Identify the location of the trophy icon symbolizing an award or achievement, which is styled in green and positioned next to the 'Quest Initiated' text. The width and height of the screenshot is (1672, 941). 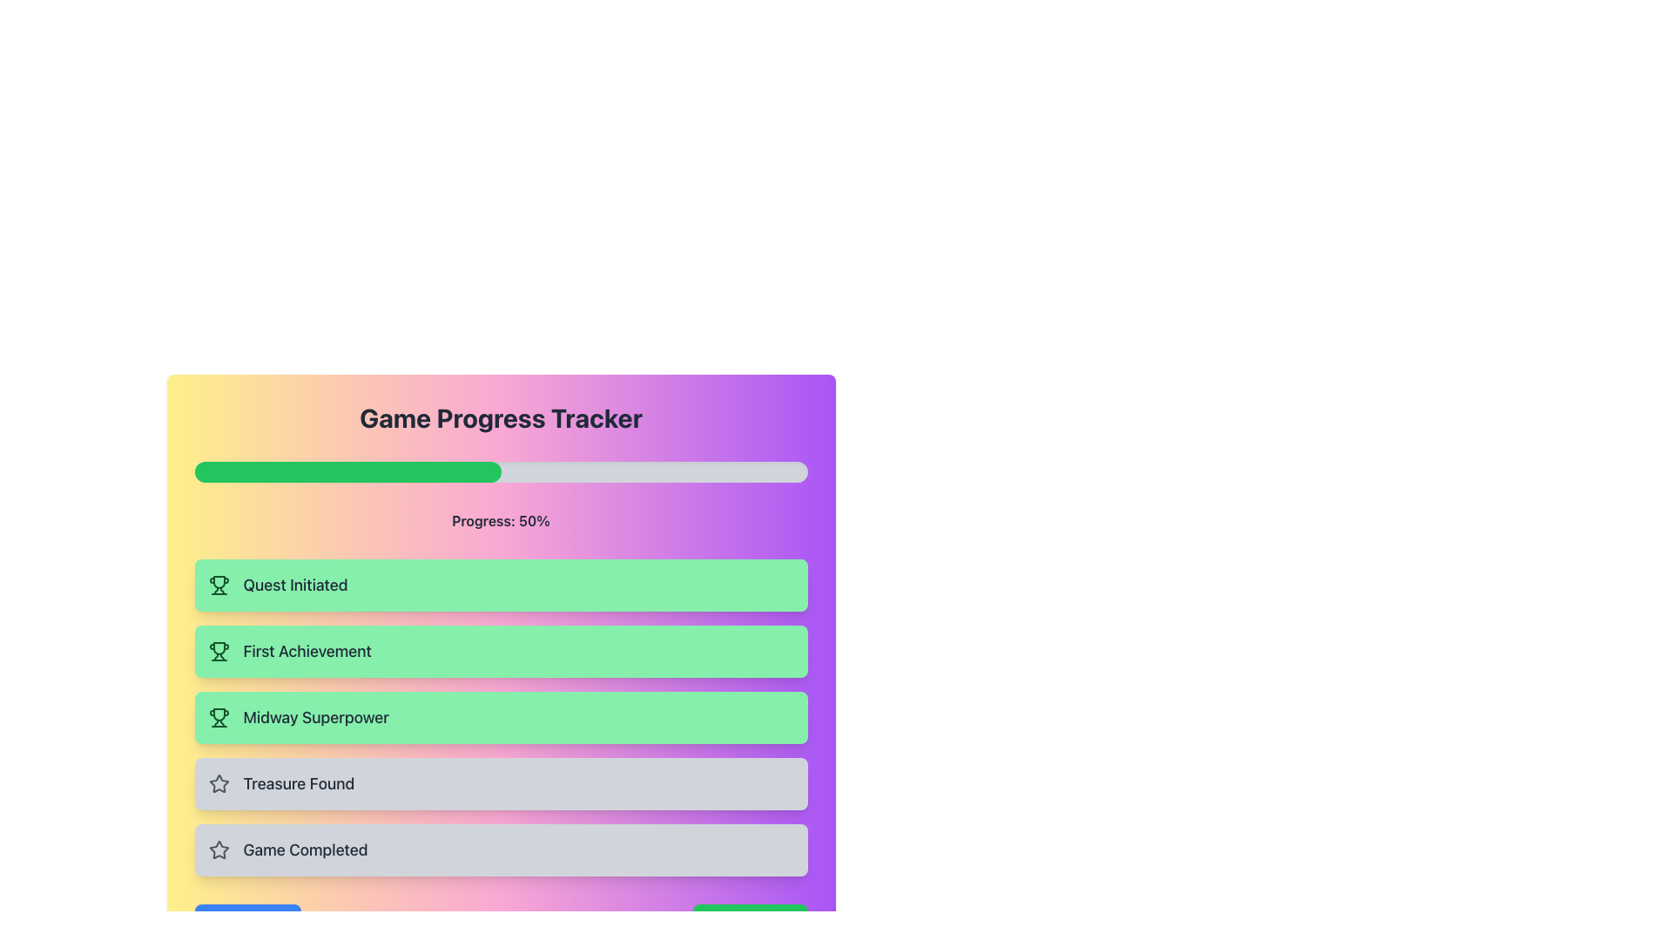
(218, 585).